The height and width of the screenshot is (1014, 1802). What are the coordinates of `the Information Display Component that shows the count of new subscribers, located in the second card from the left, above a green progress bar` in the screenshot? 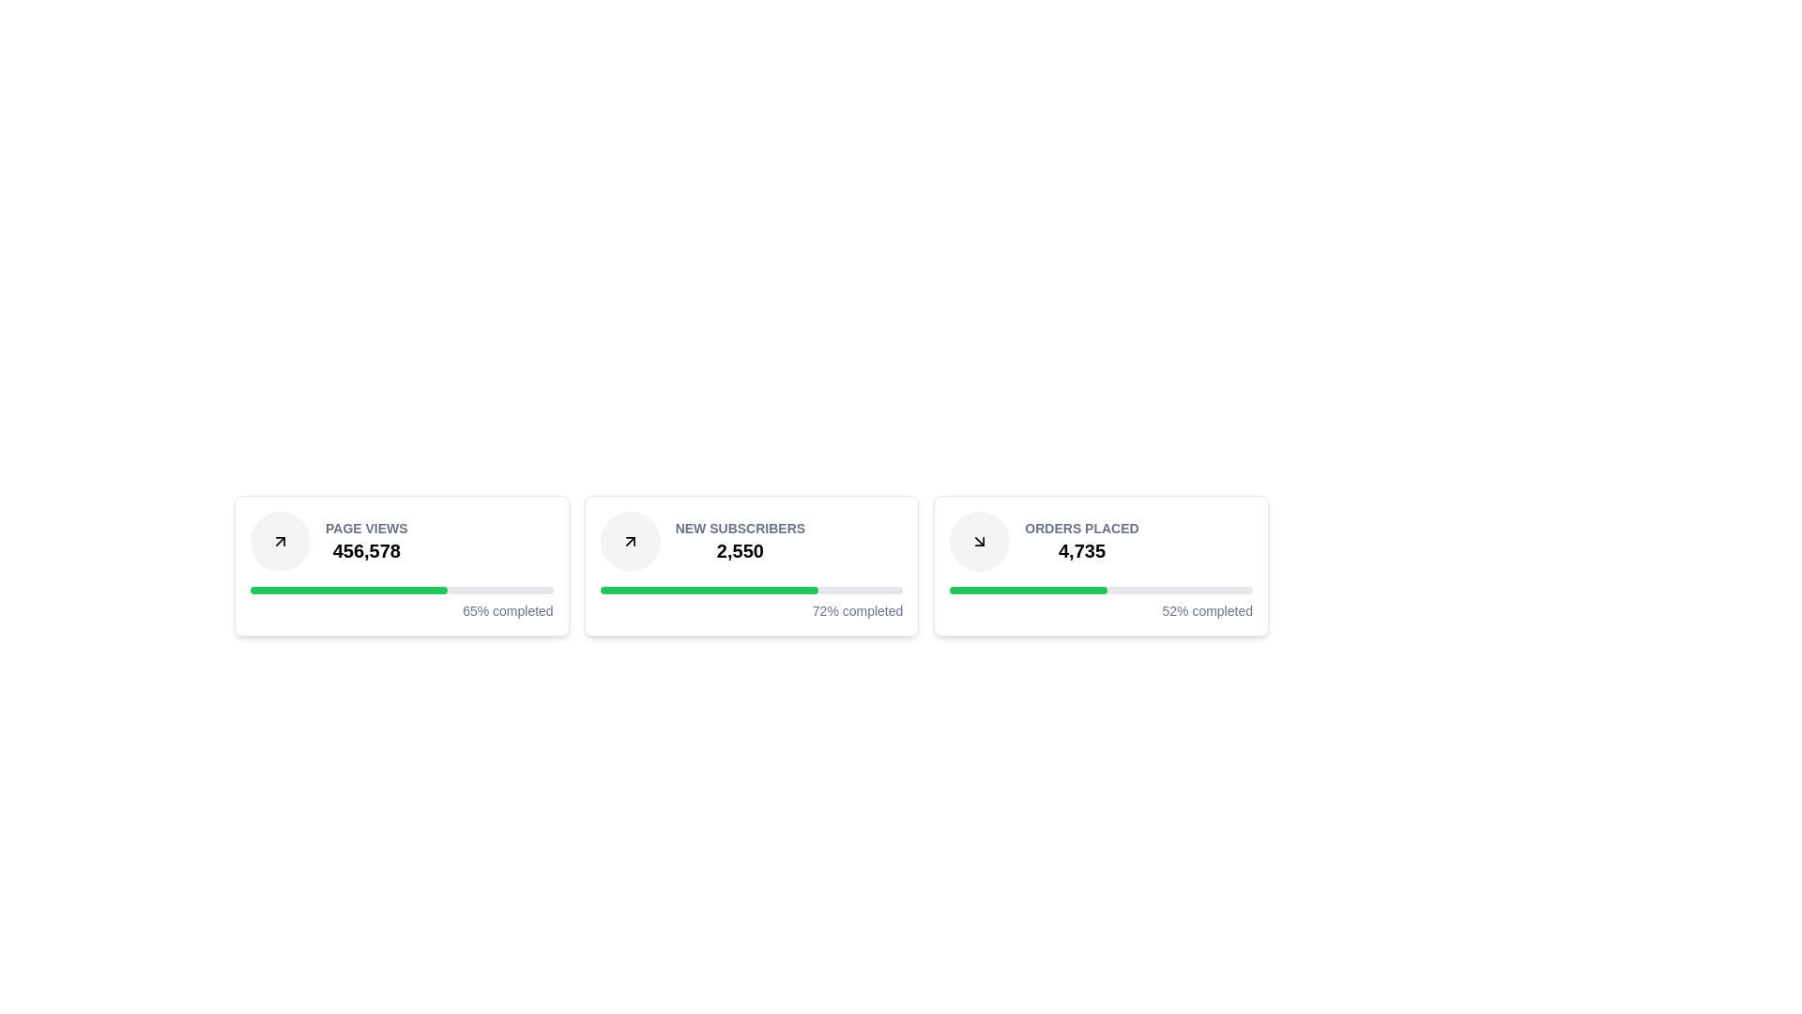 It's located at (752, 542).